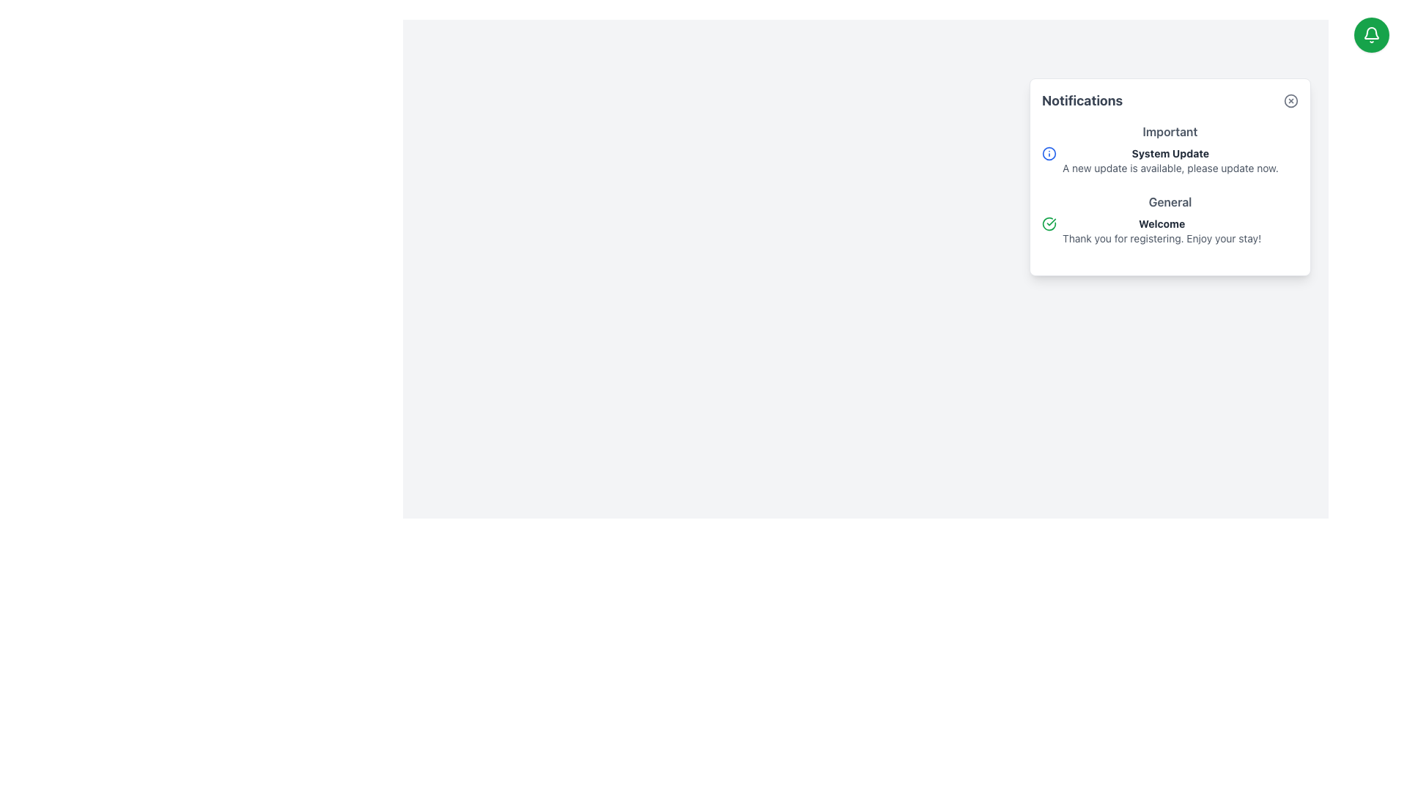 The image size is (1407, 791). Describe the element at coordinates (1048, 153) in the screenshot. I see `the circle graphic element that represents the 'Important' message associated with 'System Update' within the notification card` at that location.